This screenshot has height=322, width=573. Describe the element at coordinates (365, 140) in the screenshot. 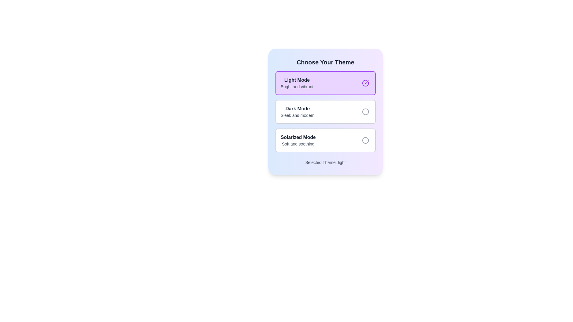

I see `the 'Solarized Mode' radio button` at that location.